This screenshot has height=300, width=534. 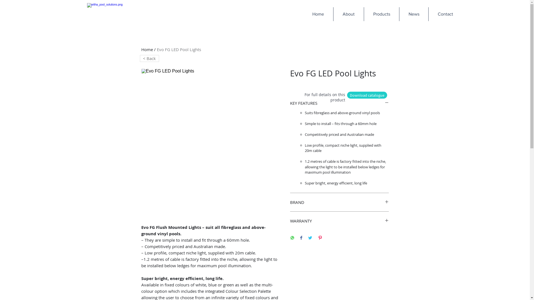 I want to click on '< Back', so click(x=149, y=58).